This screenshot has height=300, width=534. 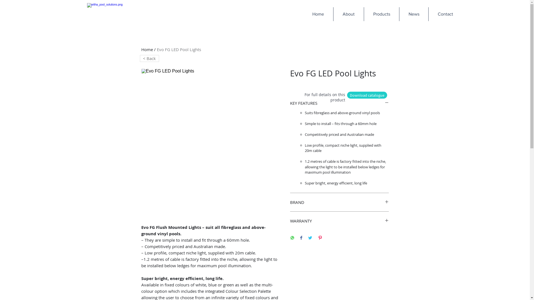 I want to click on '< Back', so click(x=149, y=58).